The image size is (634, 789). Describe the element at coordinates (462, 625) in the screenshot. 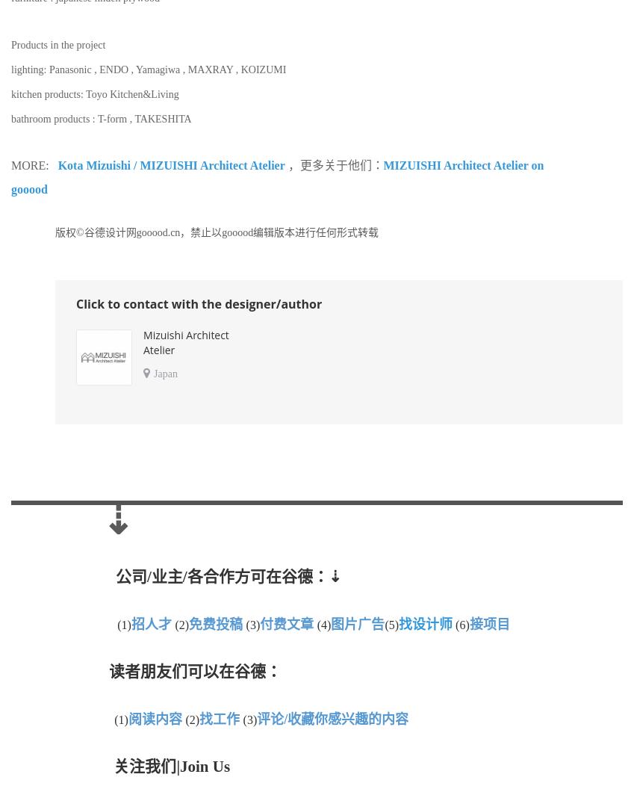

I see `'(6)'` at that location.